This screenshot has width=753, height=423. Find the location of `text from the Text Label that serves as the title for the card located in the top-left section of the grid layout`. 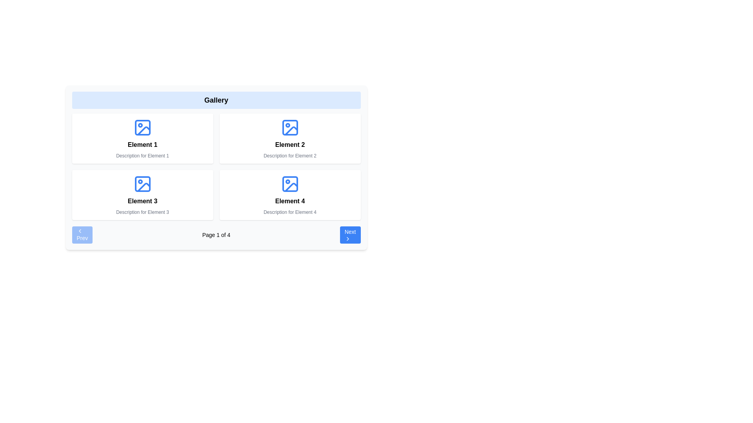

text from the Text Label that serves as the title for the card located in the top-left section of the grid layout is located at coordinates (142, 145).